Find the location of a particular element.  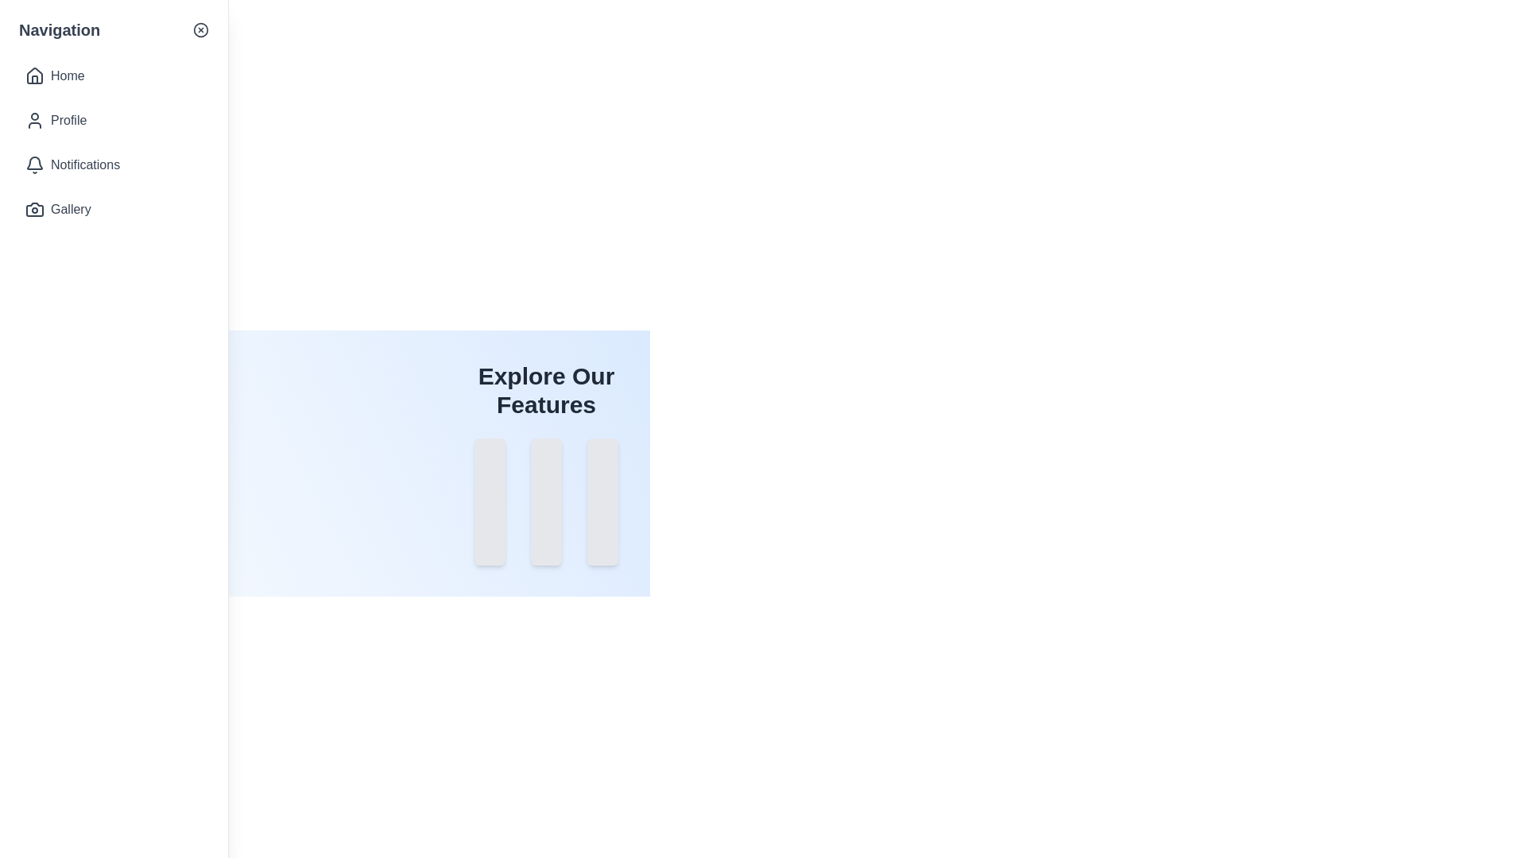

the 'Notifications' text label in the vertical navigation menu is located at coordinates (84, 165).